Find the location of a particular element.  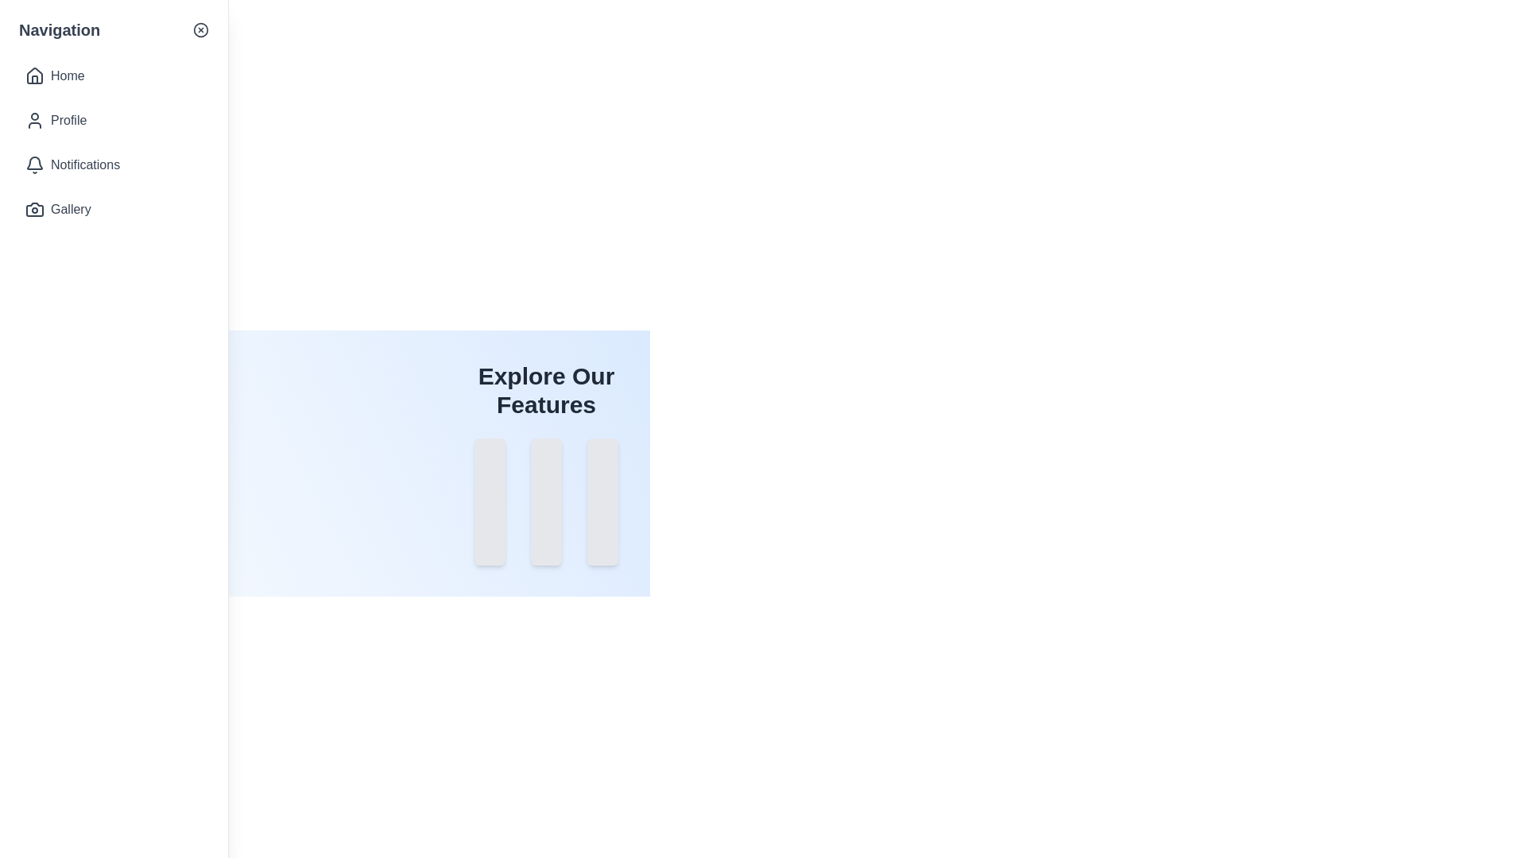

the 'Notifications' text label in the vertical navigation menu is located at coordinates (84, 165).